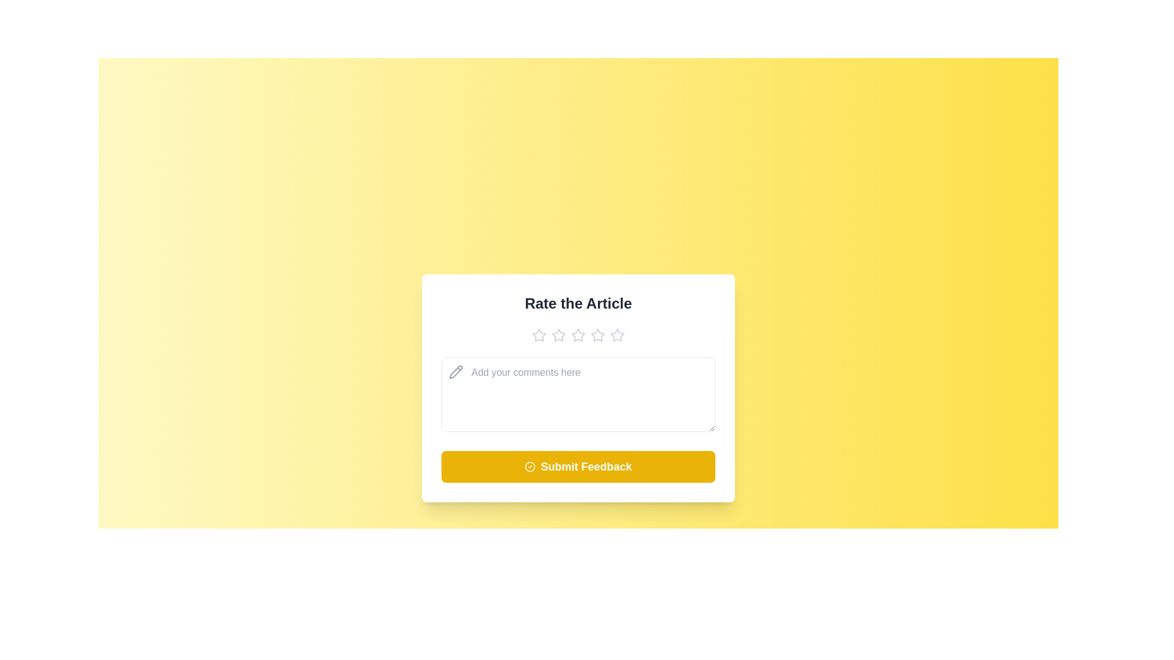 This screenshot has height=660, width=1174. What do you see at coordinates (530, 466) in the screenshot?
I see `the circular icon with a checkmark inside, which is located to the left of the 'Submit Feedback' button text` at bounding box center [530, 466].